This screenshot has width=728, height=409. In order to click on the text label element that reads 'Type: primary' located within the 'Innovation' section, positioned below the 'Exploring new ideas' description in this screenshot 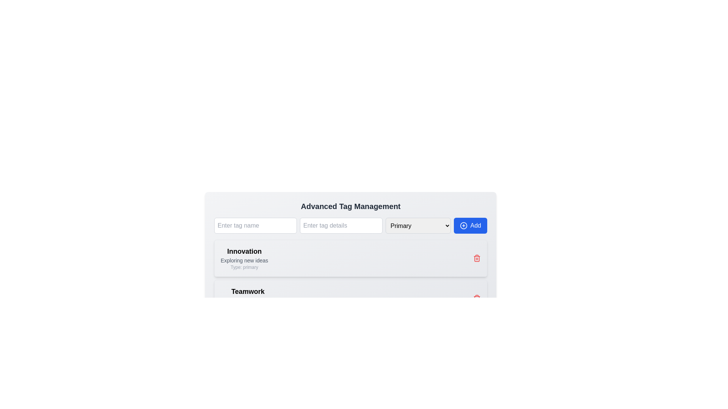, I will do `click(244, 267)`.